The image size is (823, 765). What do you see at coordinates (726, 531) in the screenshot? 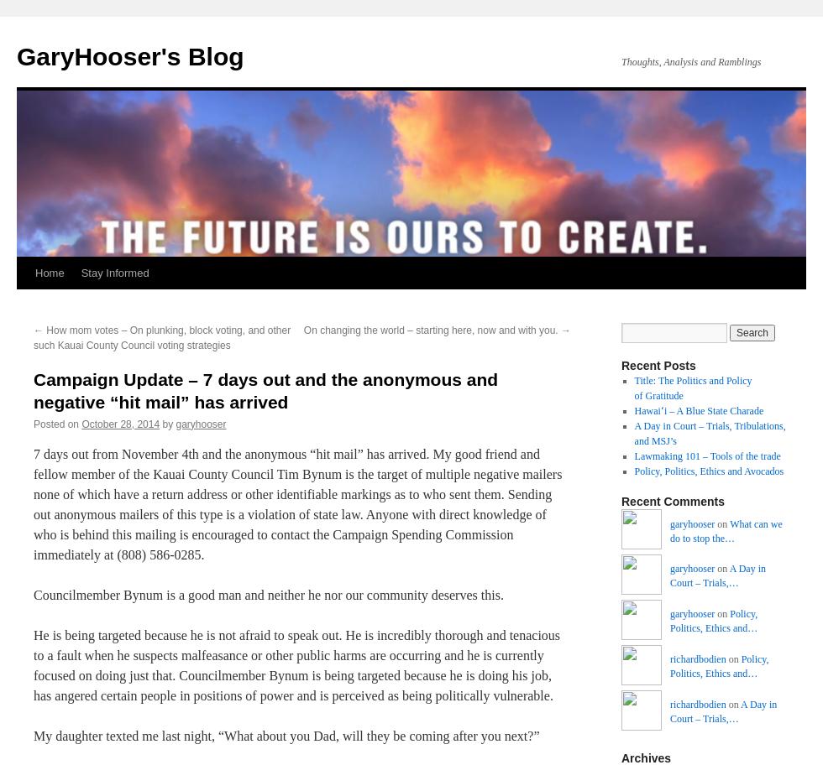
I see `'What can we do to stop the…'` at bounding box center [726, 531].